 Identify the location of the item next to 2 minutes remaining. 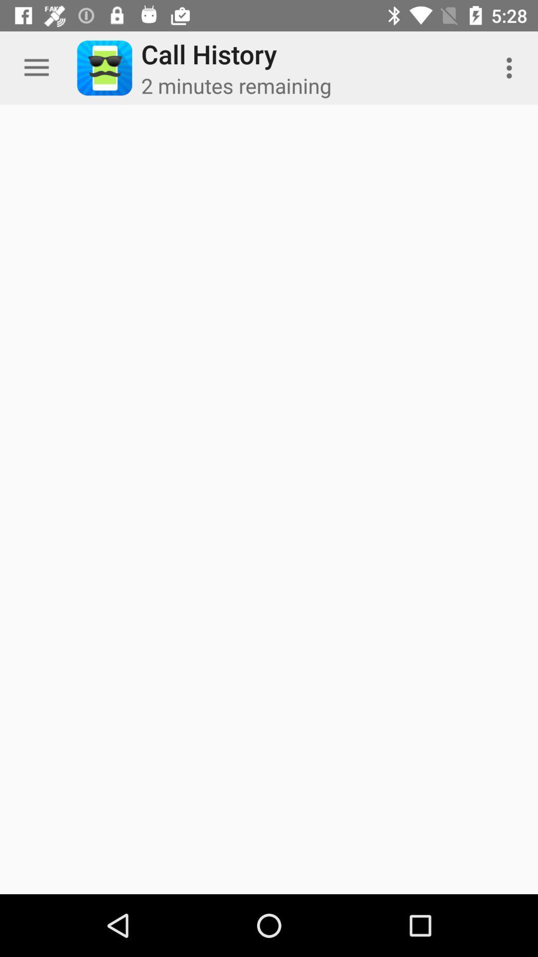
(512, 67).